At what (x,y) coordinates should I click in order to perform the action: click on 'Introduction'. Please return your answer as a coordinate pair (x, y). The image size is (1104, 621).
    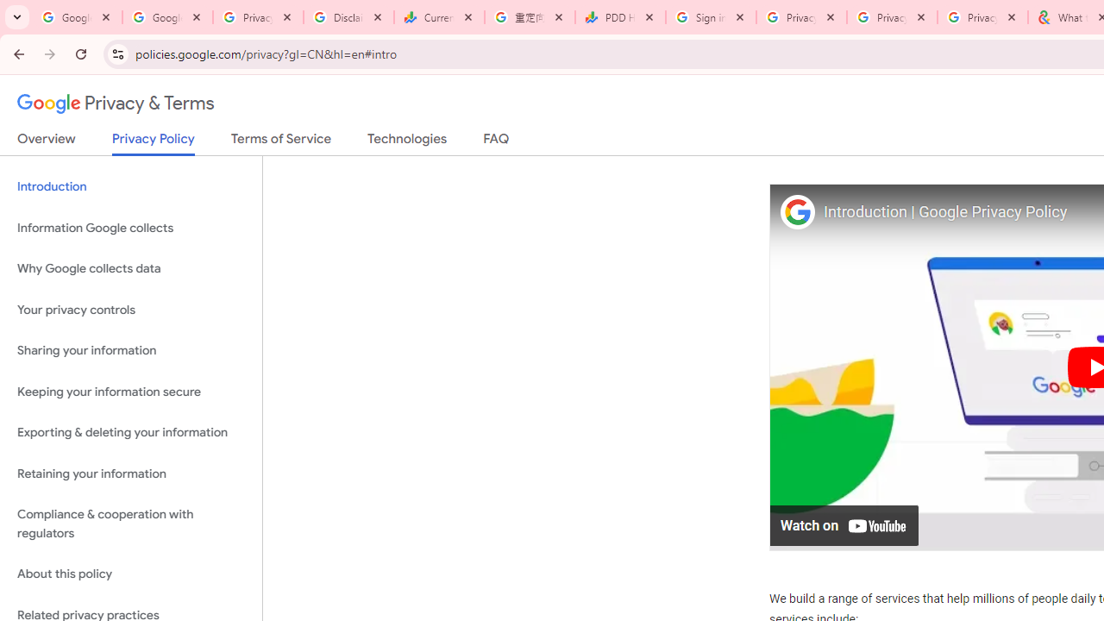
    Looking at the image, I should click on (130, 187).